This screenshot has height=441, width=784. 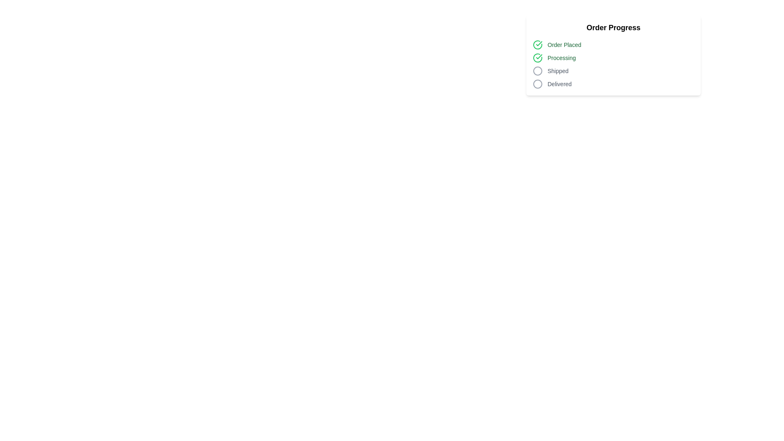 I want to click on the 'Processing' text label in the order tracking widget, which is the second item in a vertical list of order statuses, so click(x=561, y=58).